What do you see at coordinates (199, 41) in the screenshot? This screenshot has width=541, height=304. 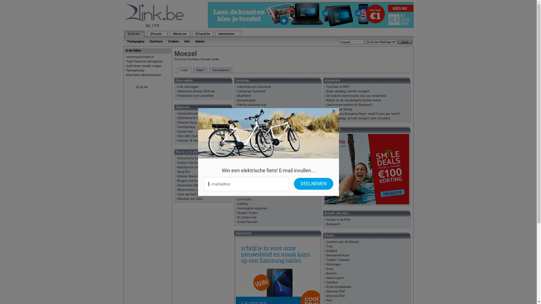 I see `'Admin'` at bounding box center [199, 41].